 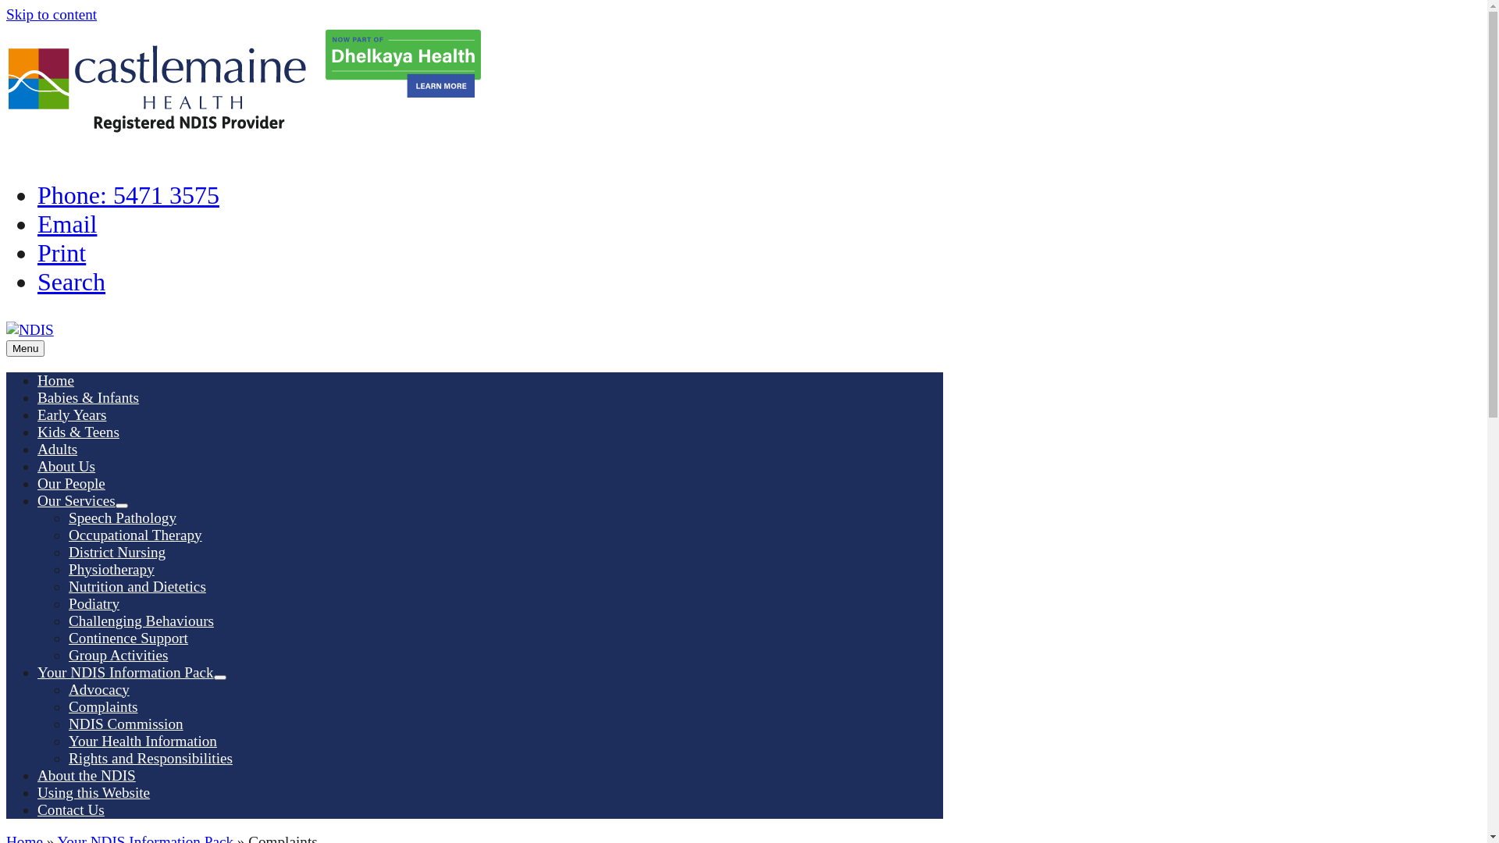 What do you see at coordinates (70, 482) in the screenshot?
I see `'Our People'` at bounding box center [70, 482].